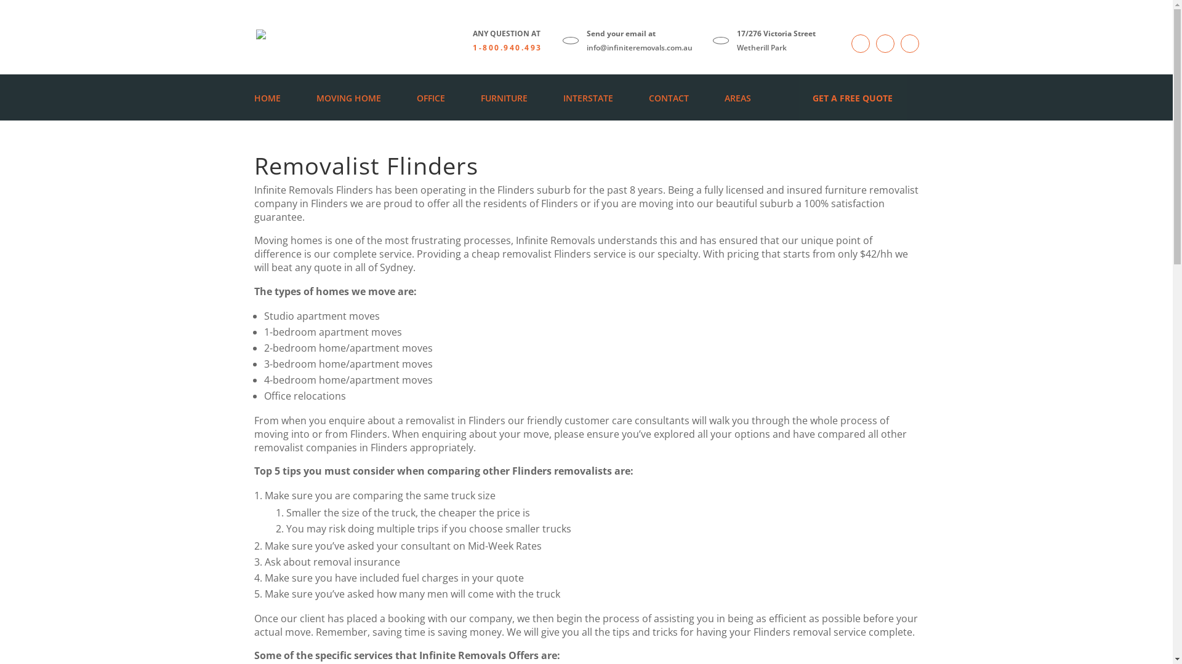  Describe the element at coordinates (724, 97) in the screenshot. I see `'AREAS'` at that location.